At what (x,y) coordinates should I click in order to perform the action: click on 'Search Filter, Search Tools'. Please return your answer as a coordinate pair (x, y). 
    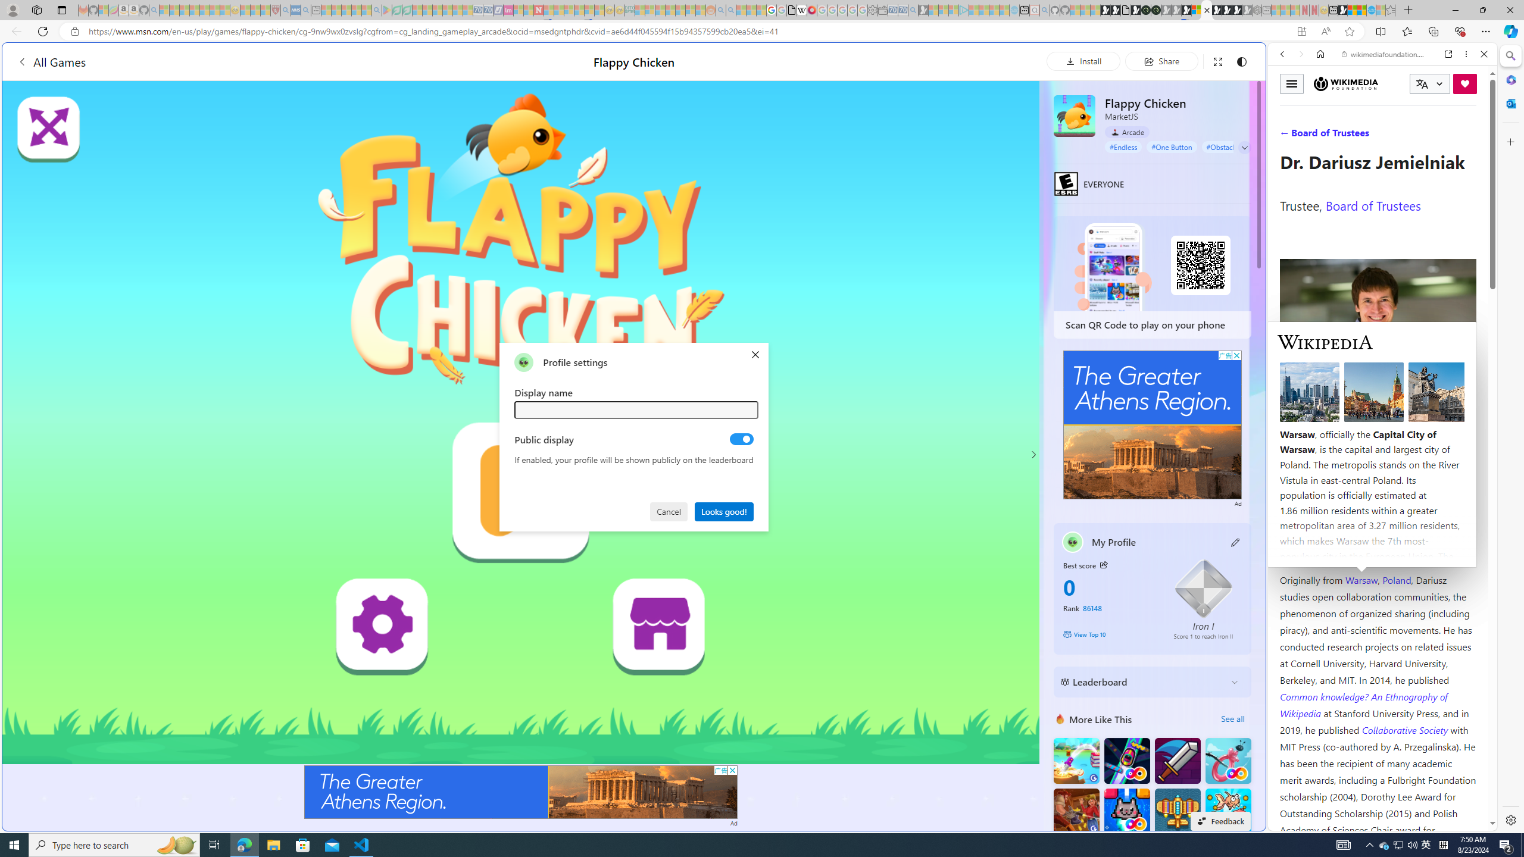
    Looking at the image, I should click on (1413, 135).